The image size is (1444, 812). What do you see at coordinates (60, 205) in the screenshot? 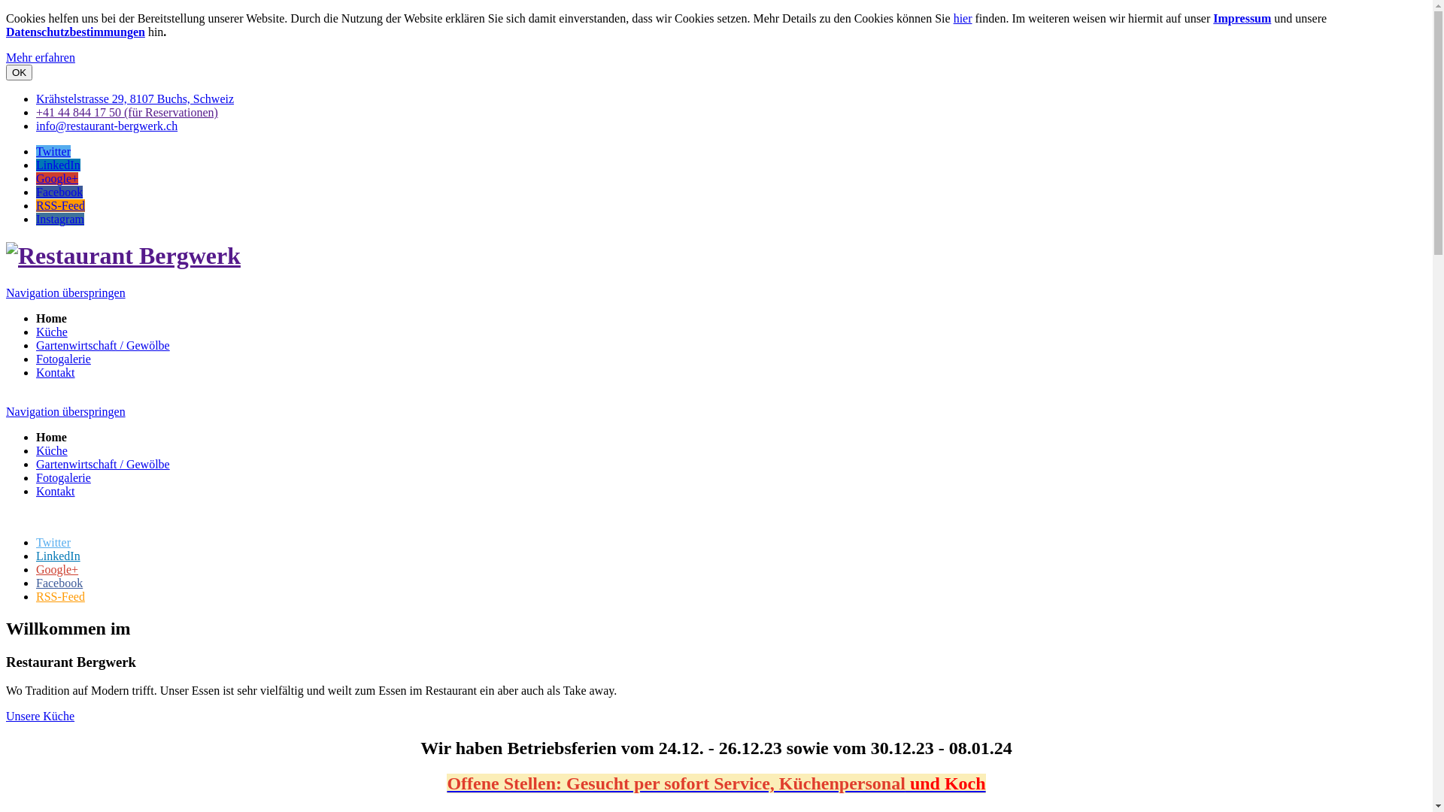
I see `'RSS-Feed'` at bounding box center [60, 205].